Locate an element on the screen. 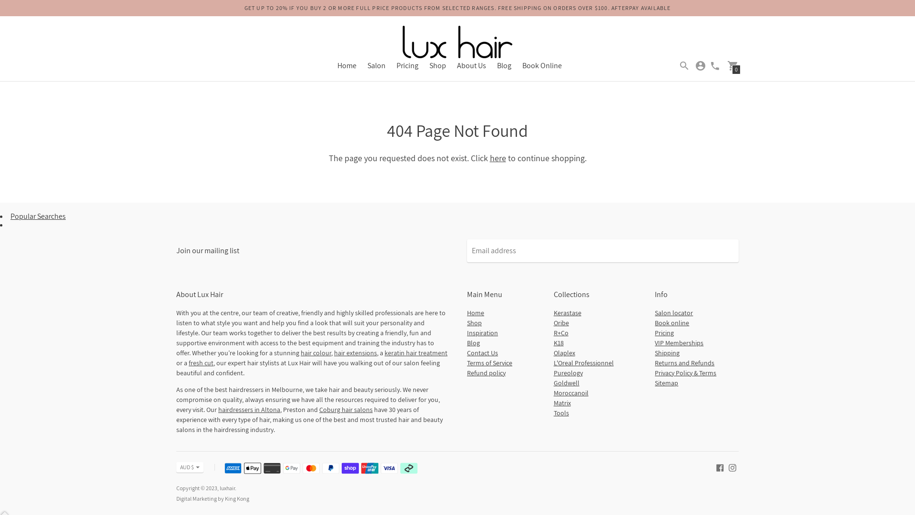 The height and width of the screenshot is (515, 915). 'VIP Memberships' is located at coordinates (679, 342).